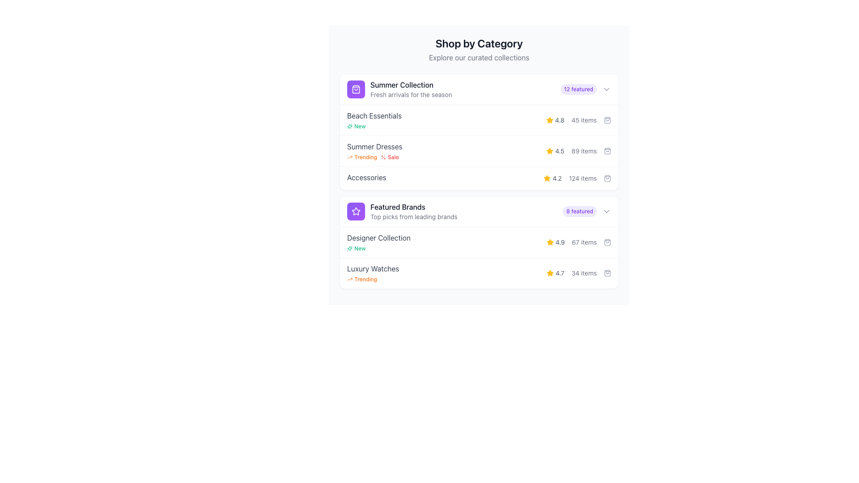  What do you see at coordinates (608, 151) in the screenshot?
I see `the icon representing 'Summer Dresses' category functionalities, located on the far right of the row after '89 items'` at bounding box center [608, 151].